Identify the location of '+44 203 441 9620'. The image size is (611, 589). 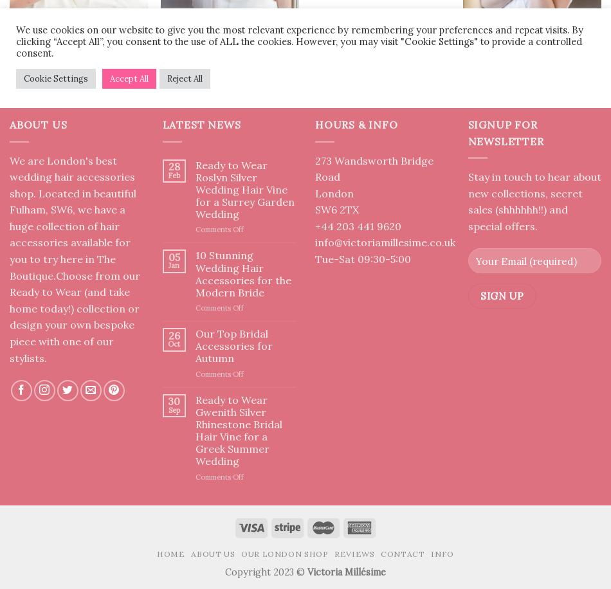
(358, 226).